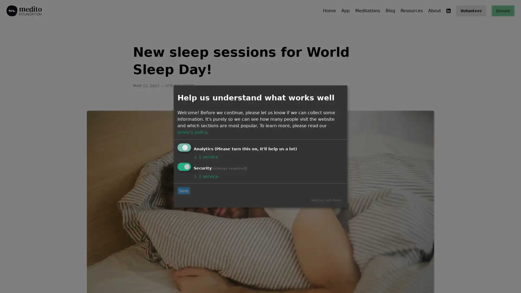  I want to click on Volunteer, so click(471, 11).